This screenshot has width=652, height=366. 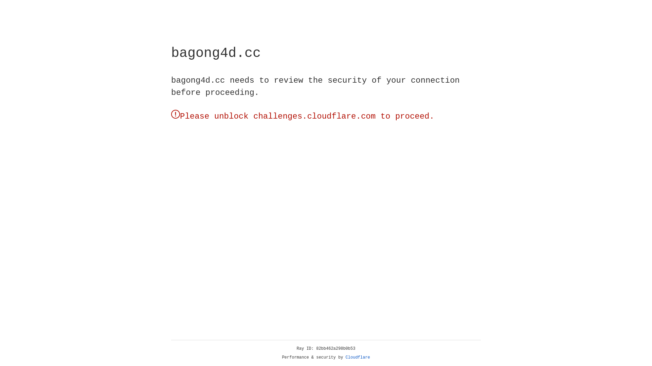 I want to click on 'Cloudflare', so click(x=358, y=357).